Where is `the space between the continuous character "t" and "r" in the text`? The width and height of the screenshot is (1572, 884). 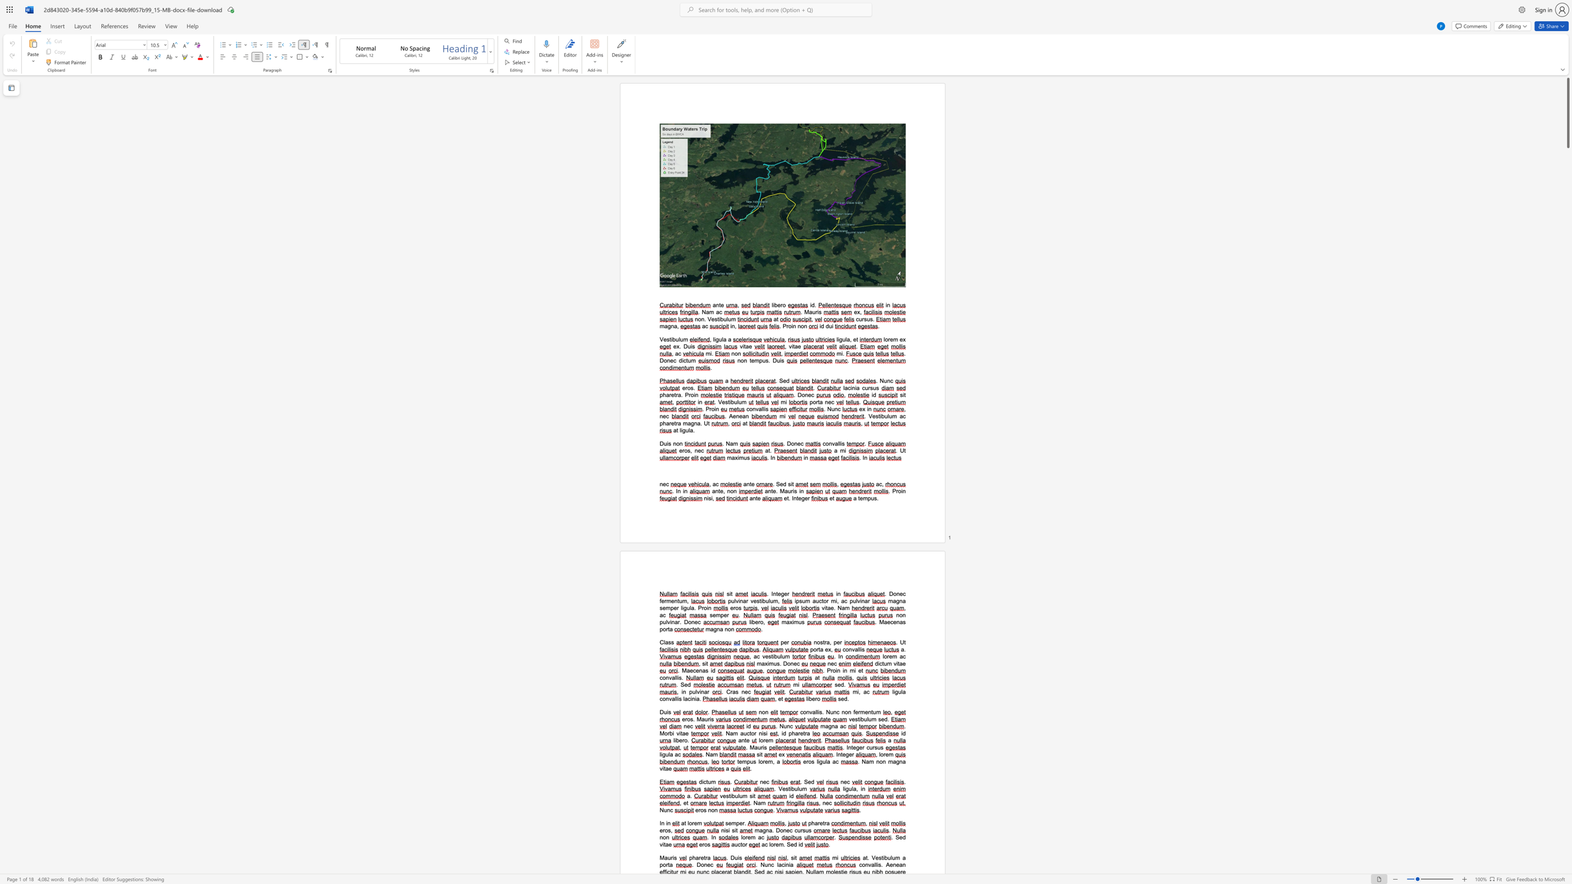
the space between the continuous character "t" and "r" in the text is located at coordinates (705, 857).